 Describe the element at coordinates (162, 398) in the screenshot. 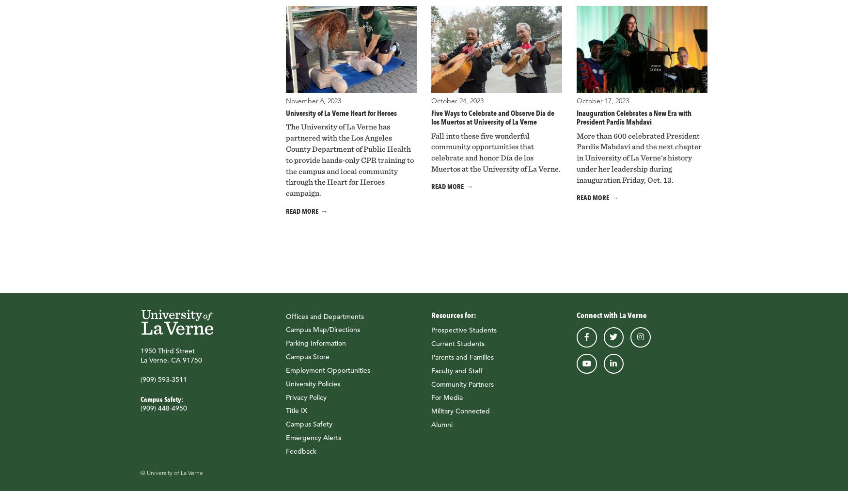

I see `'Campus Safety:'` at that location.